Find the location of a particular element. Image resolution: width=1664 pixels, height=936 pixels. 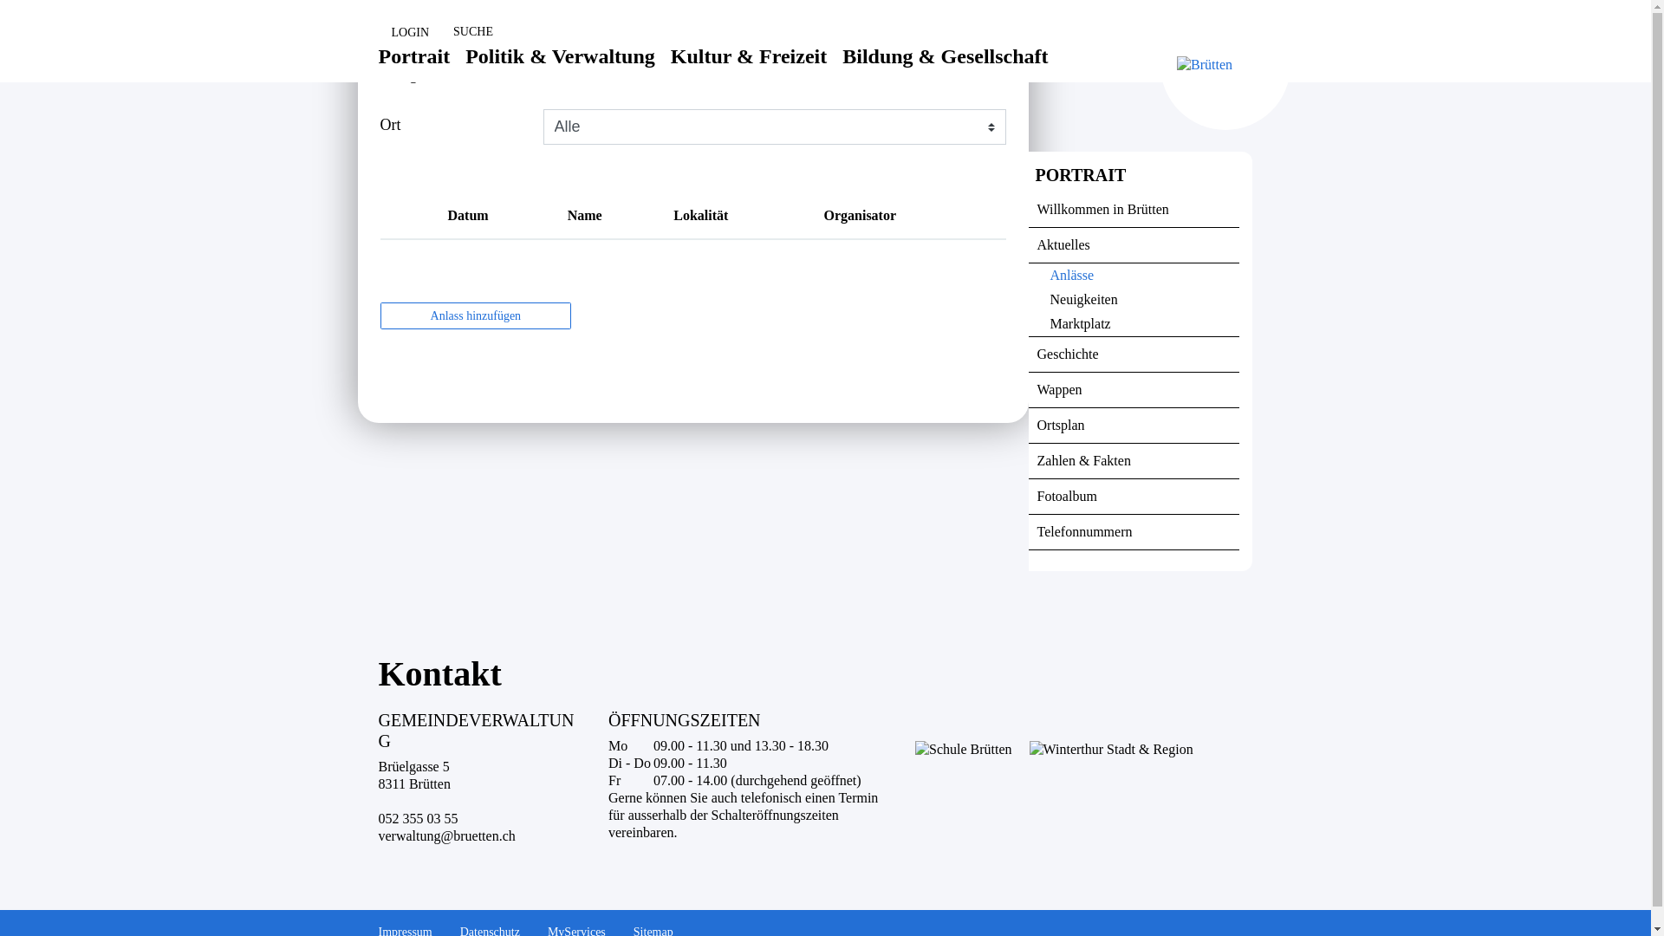

'Portrait' is located at coordinates (413, 69).